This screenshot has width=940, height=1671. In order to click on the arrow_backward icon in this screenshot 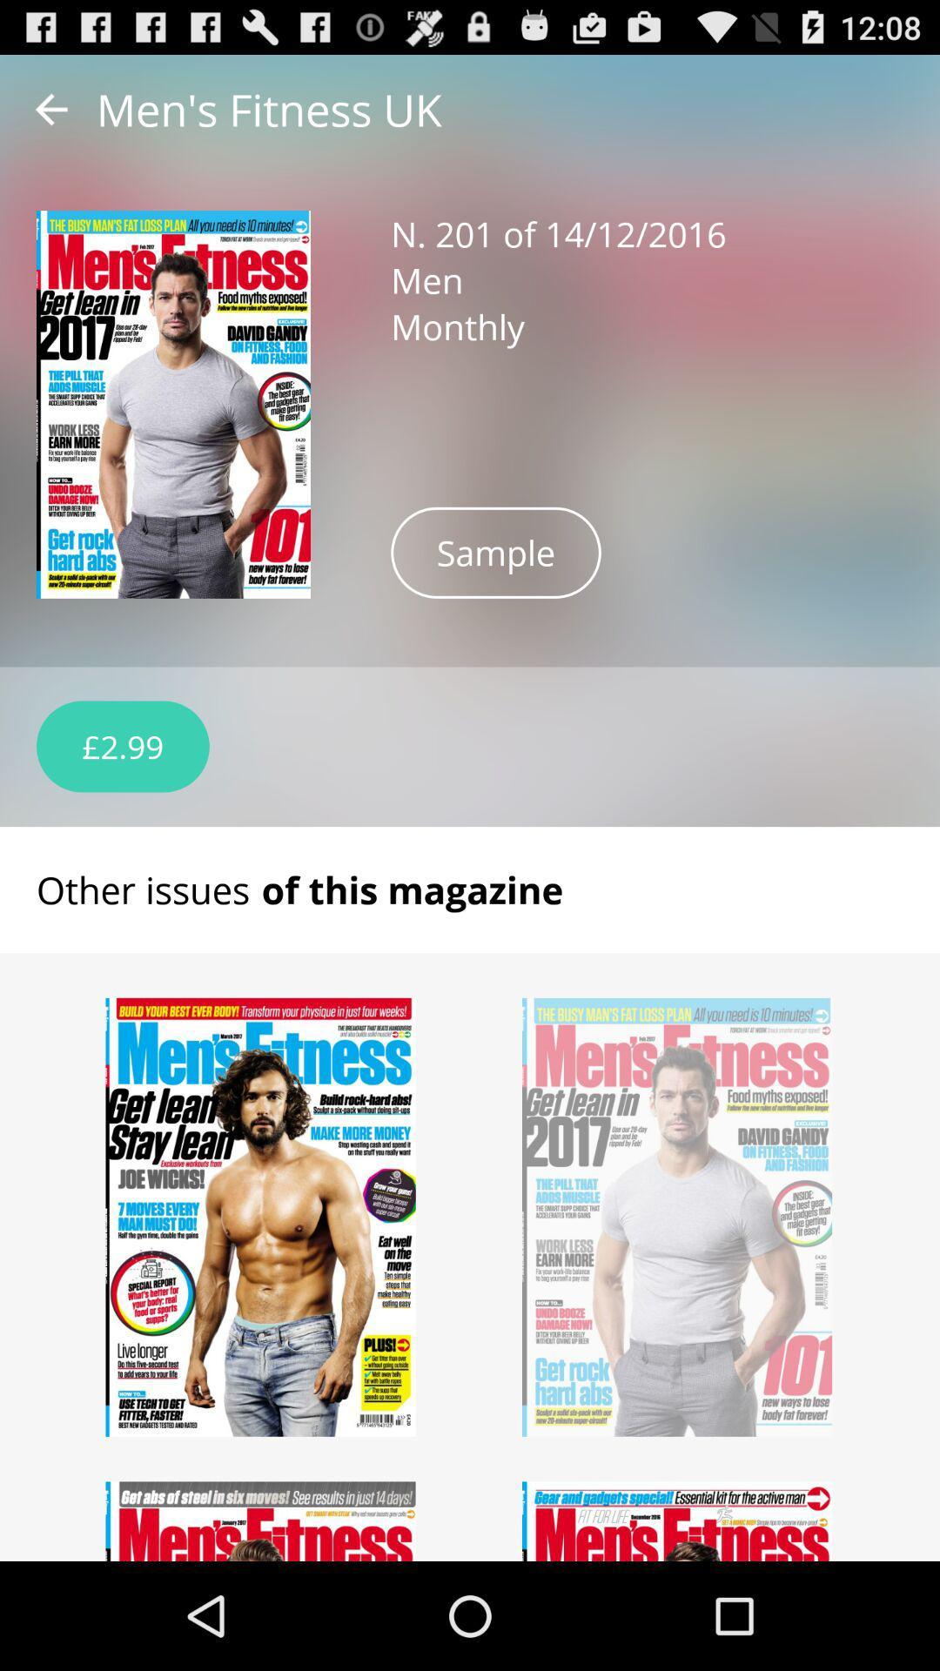, I will do `click(50, 116)`.